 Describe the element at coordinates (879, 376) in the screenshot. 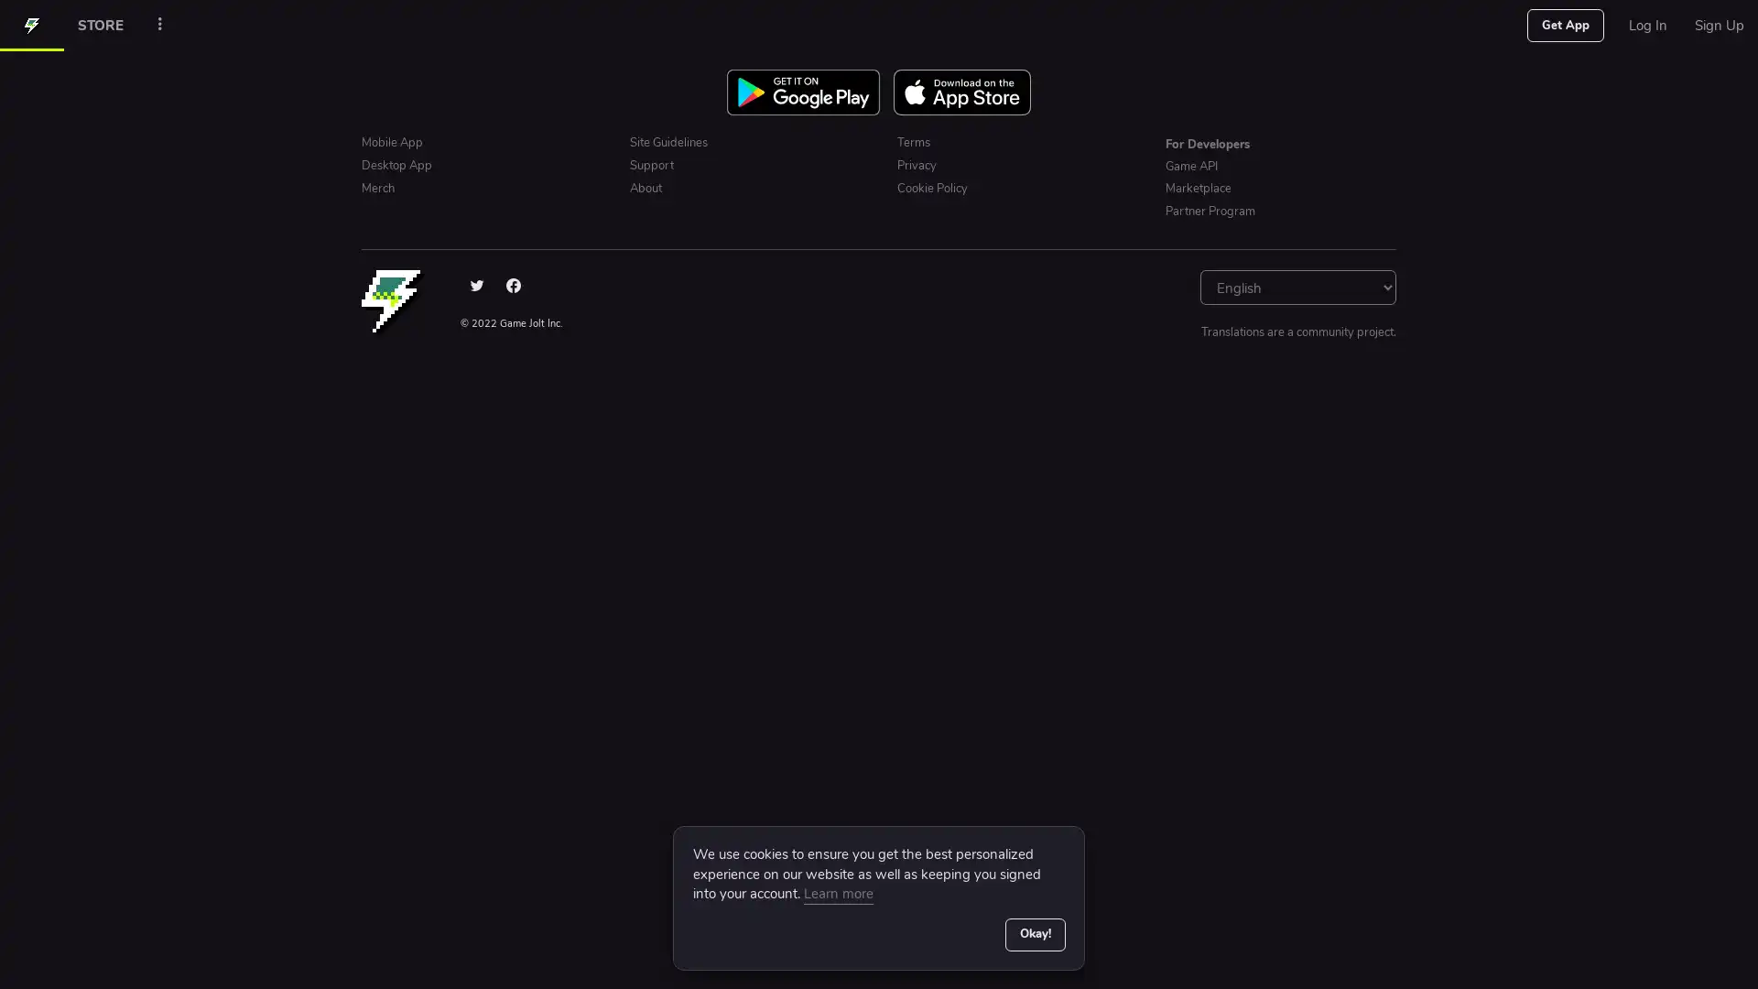

I see `Sign up with Google` at that location.